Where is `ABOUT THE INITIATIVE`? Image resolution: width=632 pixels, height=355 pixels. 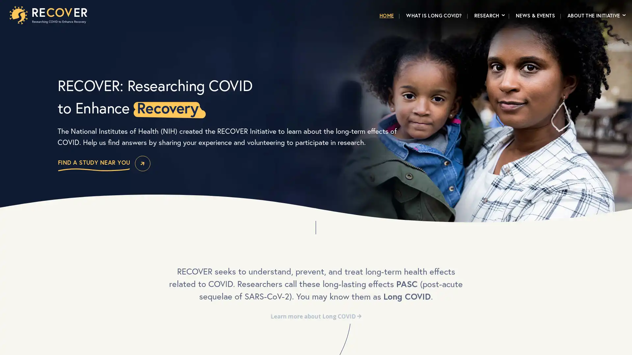
ABOUT THE INITIATIVE is located at coordinates (595, 15).